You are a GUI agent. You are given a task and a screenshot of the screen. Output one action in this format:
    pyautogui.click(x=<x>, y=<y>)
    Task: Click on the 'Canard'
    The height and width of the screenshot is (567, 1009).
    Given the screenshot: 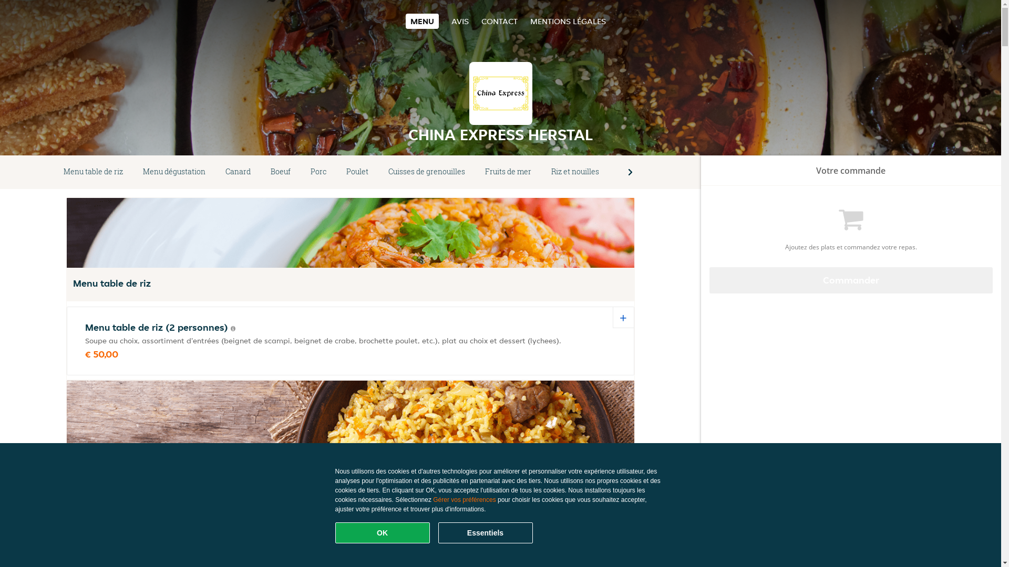 What is the action you would take?
    pyautogui.click(x=237, y=171)
    